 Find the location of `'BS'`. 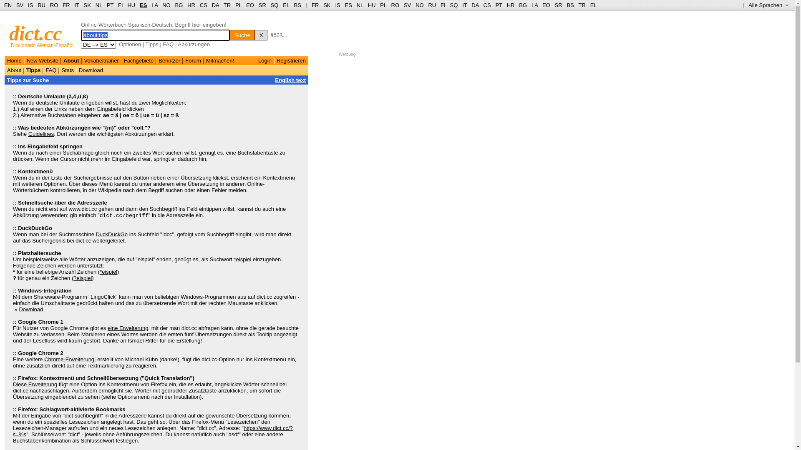

'BS' is located at coordinates (297, 5).